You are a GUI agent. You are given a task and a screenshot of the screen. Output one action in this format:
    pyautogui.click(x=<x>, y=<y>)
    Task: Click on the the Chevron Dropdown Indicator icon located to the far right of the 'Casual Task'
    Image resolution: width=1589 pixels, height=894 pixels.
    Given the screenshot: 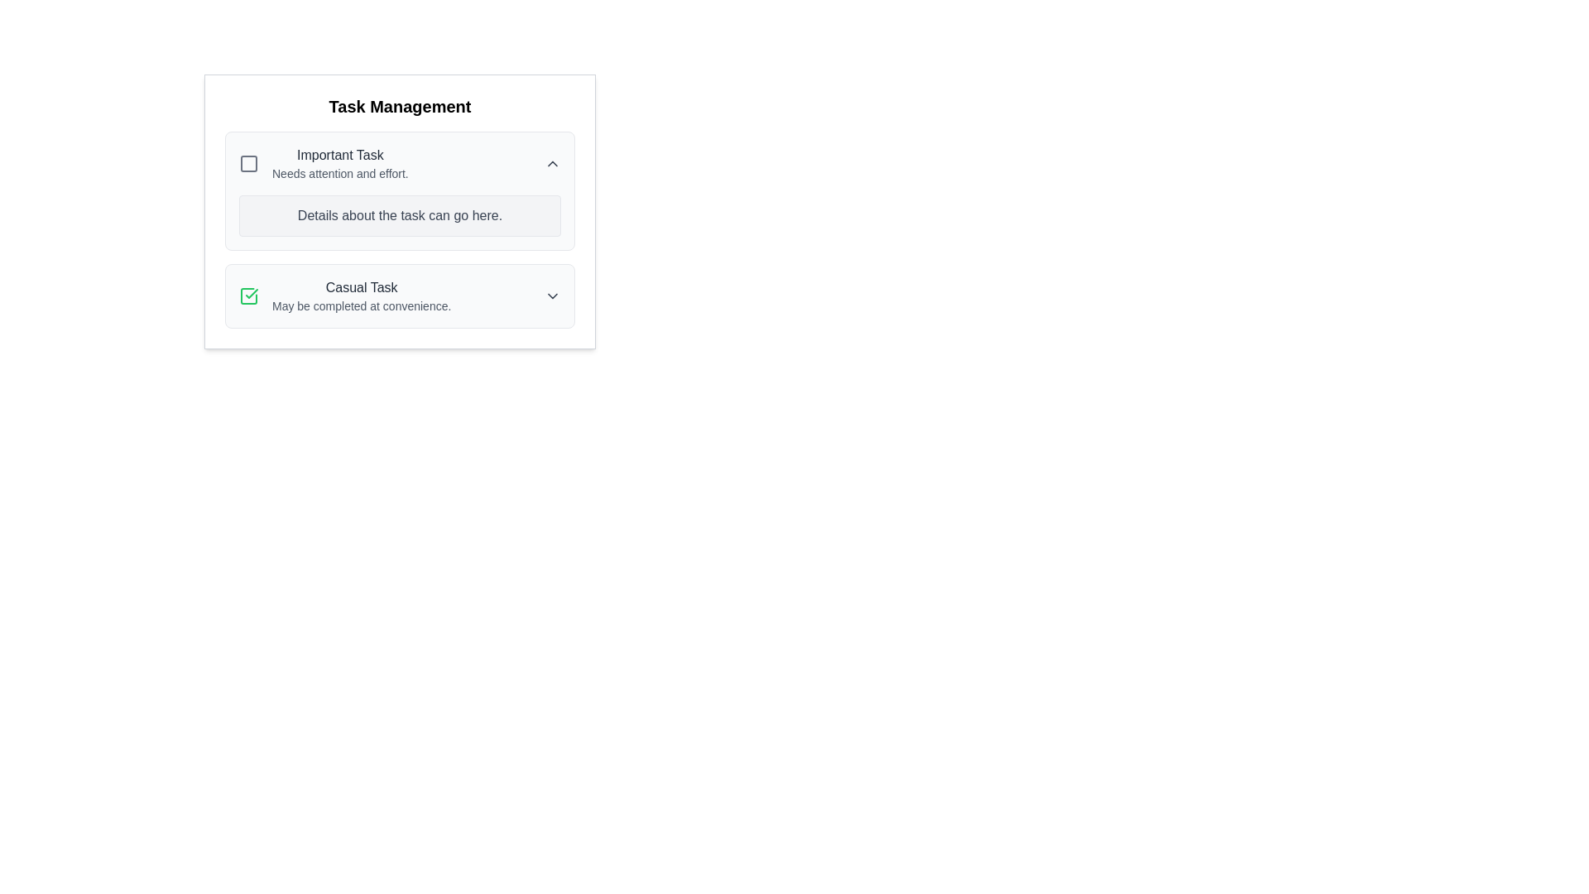 What is the action you would take?
    pyautogui.click(x=552, y=296)
    